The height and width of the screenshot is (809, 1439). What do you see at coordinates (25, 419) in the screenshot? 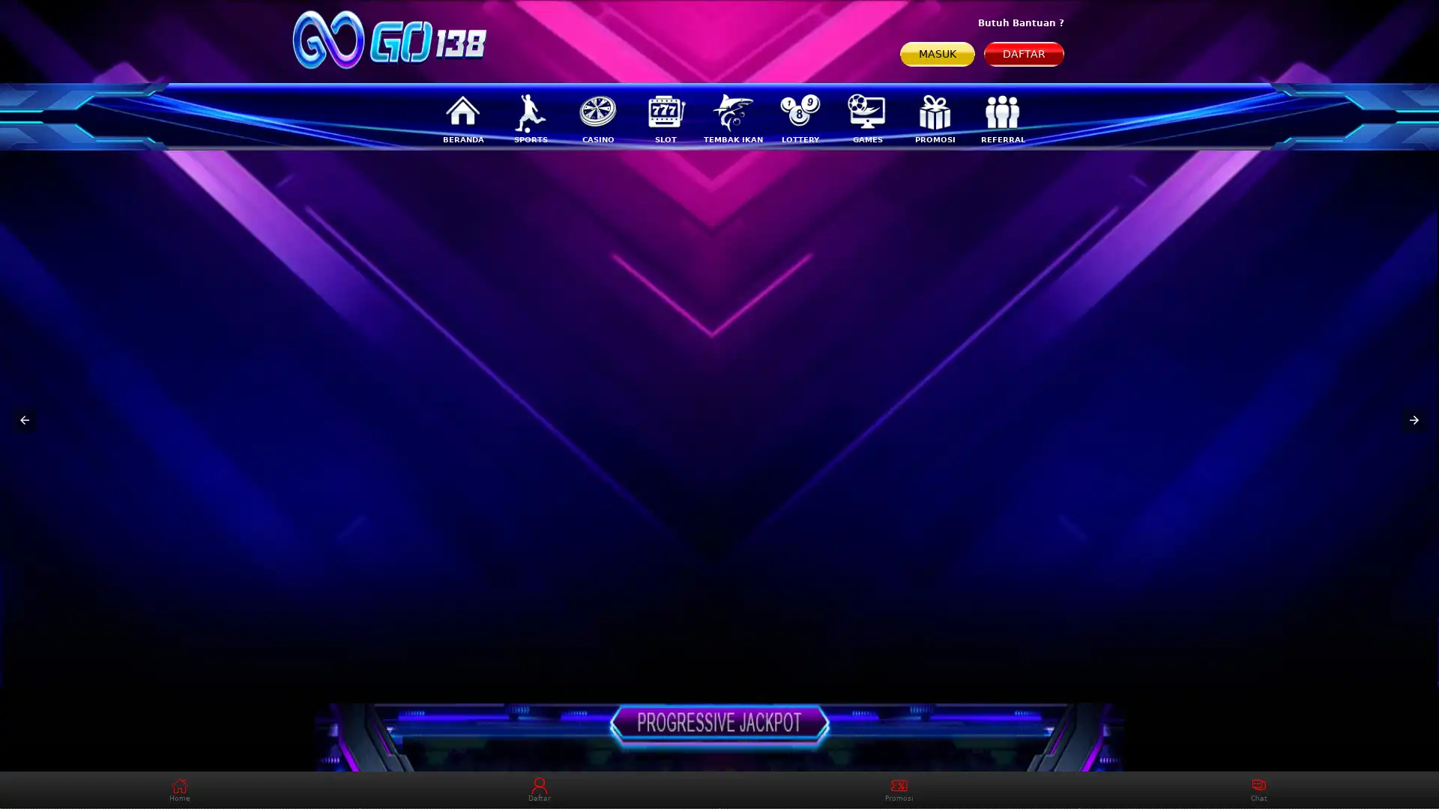
I see `Previous item in carousel (4 of 4)` at bounding box center [25, 419].